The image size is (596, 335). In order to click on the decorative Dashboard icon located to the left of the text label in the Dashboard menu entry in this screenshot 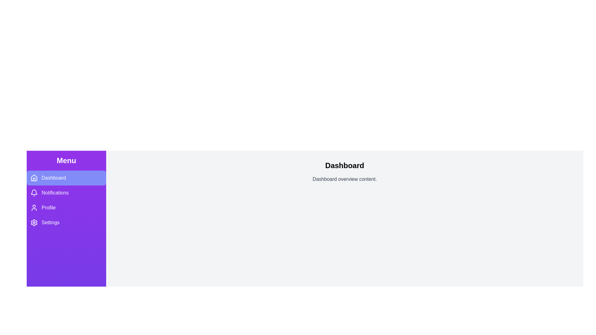, I will do `click(34, 178)`.